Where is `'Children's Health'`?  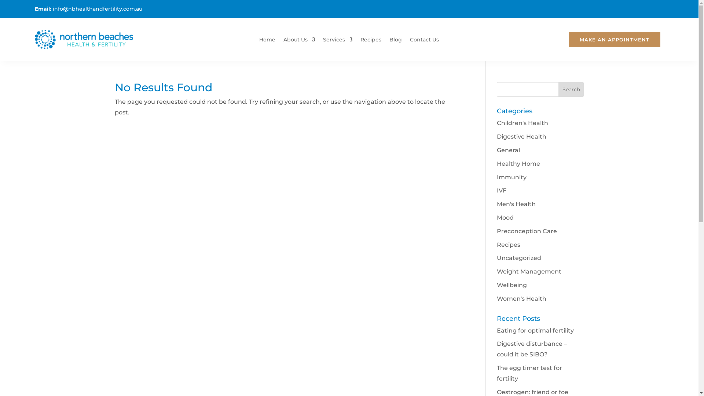 'Children's Health' is located at coordinates (522, 122).